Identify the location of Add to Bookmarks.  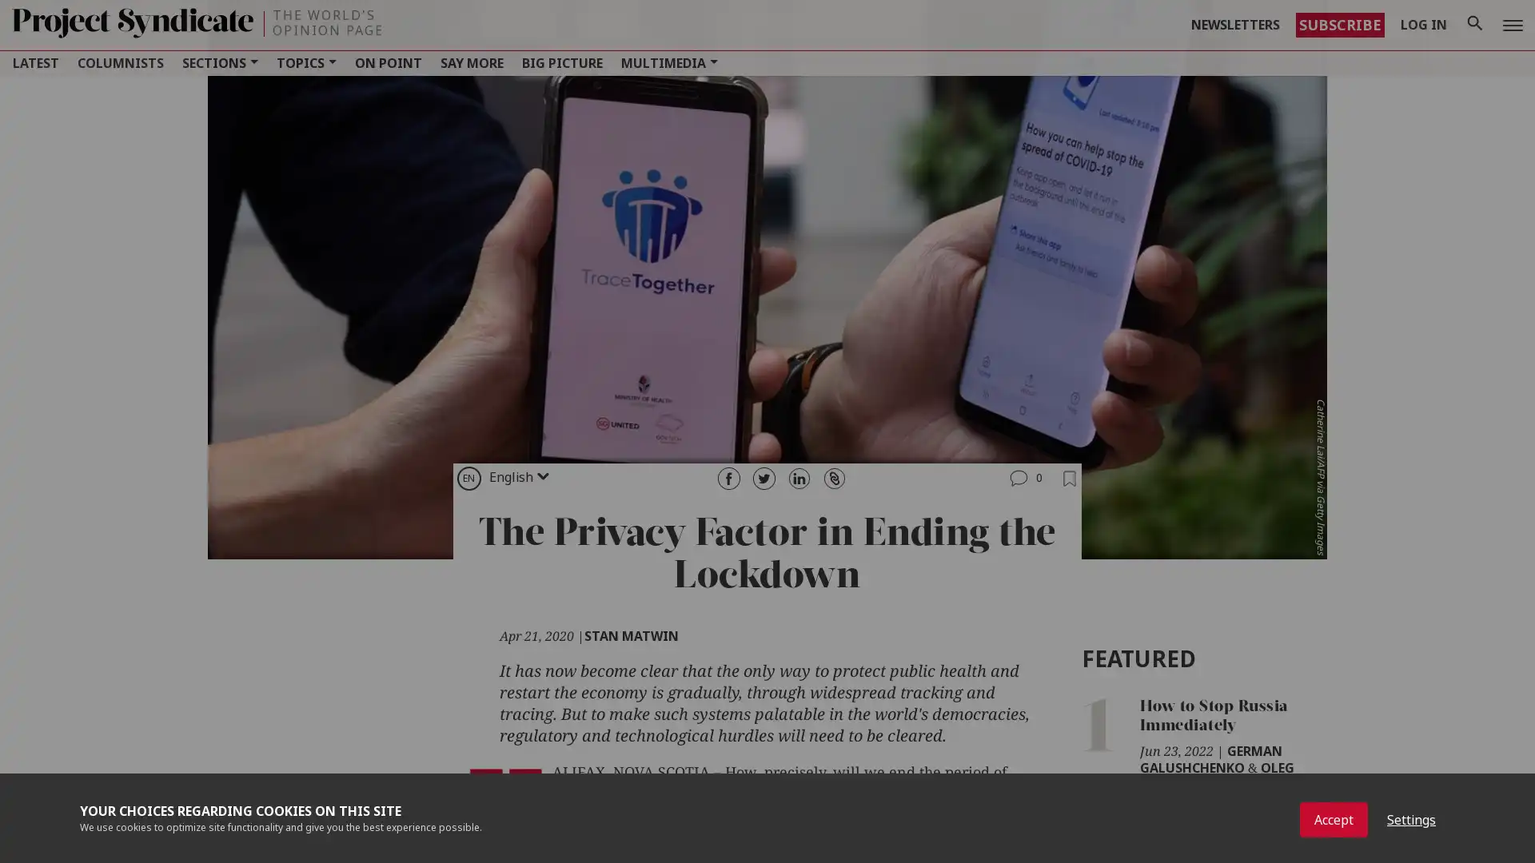
(1070, 479).